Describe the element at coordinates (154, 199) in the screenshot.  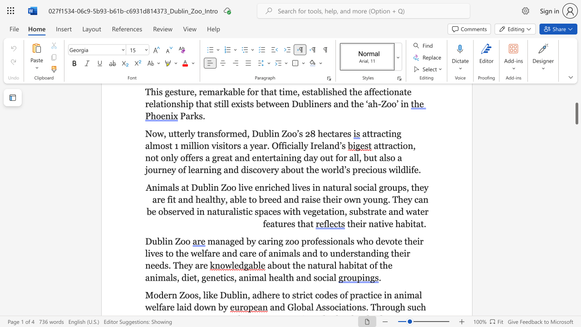
I see `the 6th character "a" in the text` at that location.